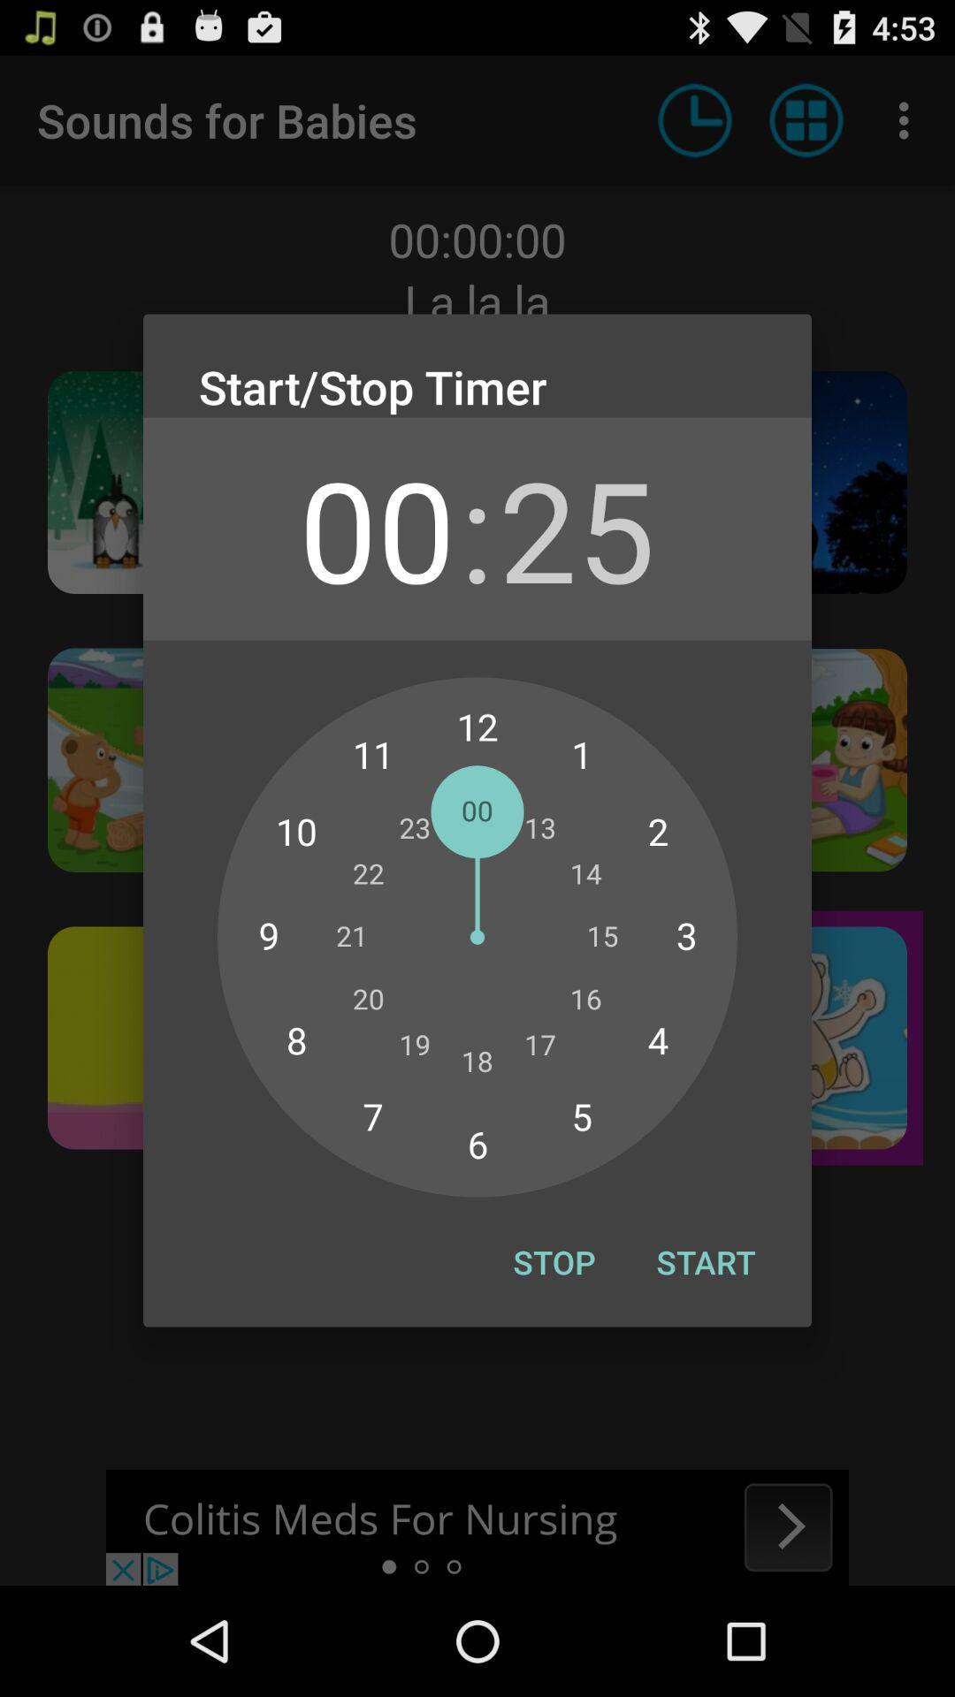 The image size is (955, 1697). Describe the element at coordinates (376, 528) in the screenshot. I see `the item below the start/stop timer item` at that location.